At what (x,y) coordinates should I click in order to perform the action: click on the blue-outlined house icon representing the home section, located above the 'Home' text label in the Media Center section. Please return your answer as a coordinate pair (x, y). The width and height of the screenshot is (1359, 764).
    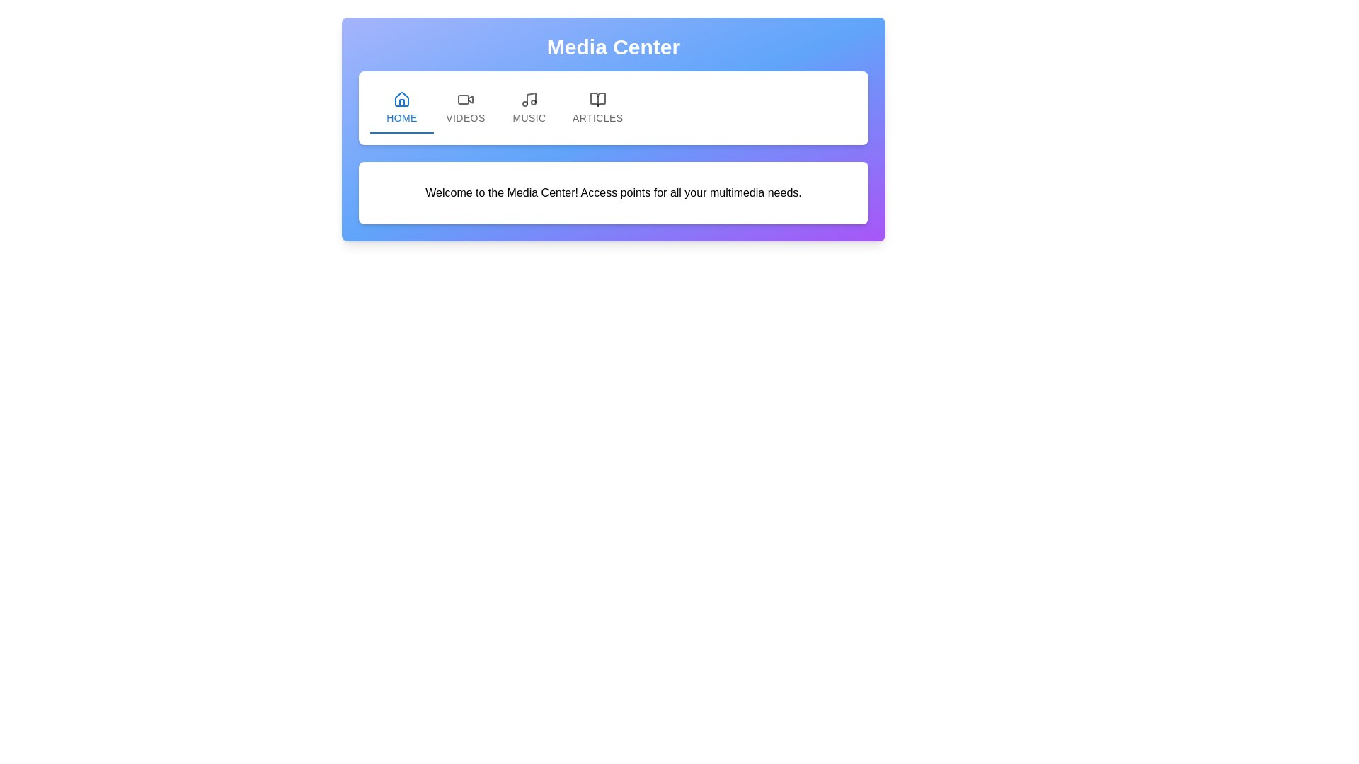
    Looking at the image, I should click on (401, 99).